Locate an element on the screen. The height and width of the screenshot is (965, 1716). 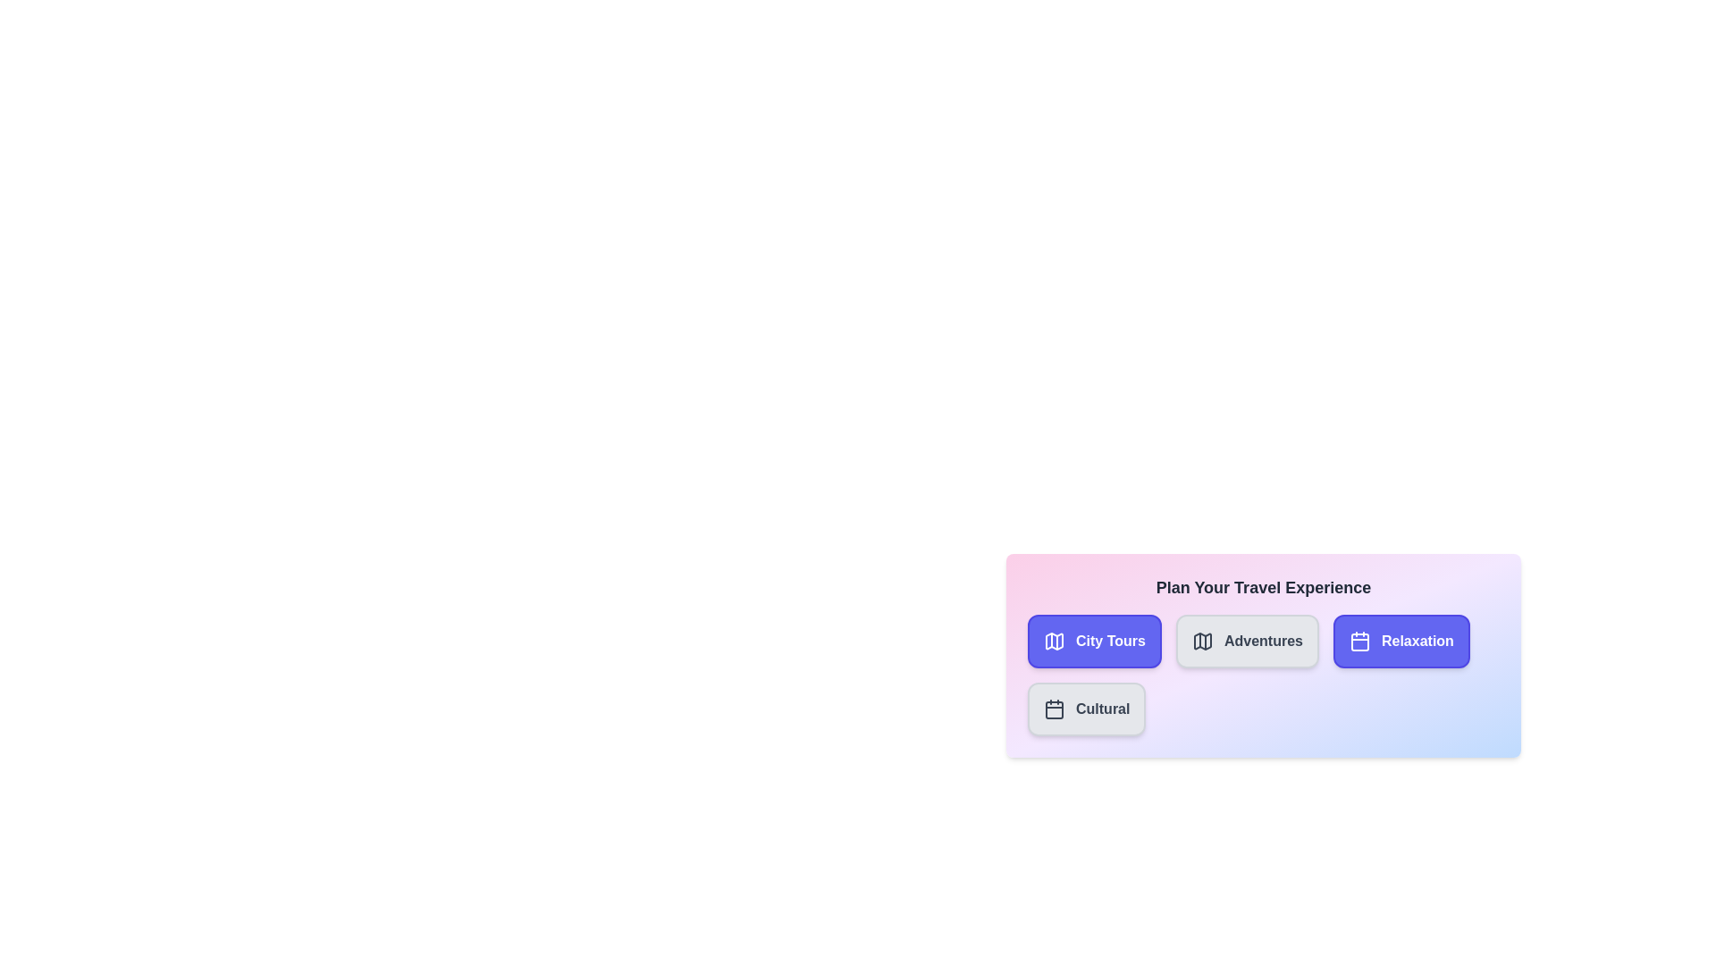
the category Adventures is located at coordinates (1247, 640).